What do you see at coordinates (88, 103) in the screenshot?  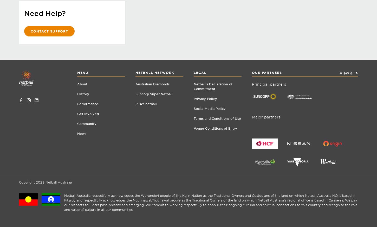 I see `'Performance'` at bounding box center [88, 103].